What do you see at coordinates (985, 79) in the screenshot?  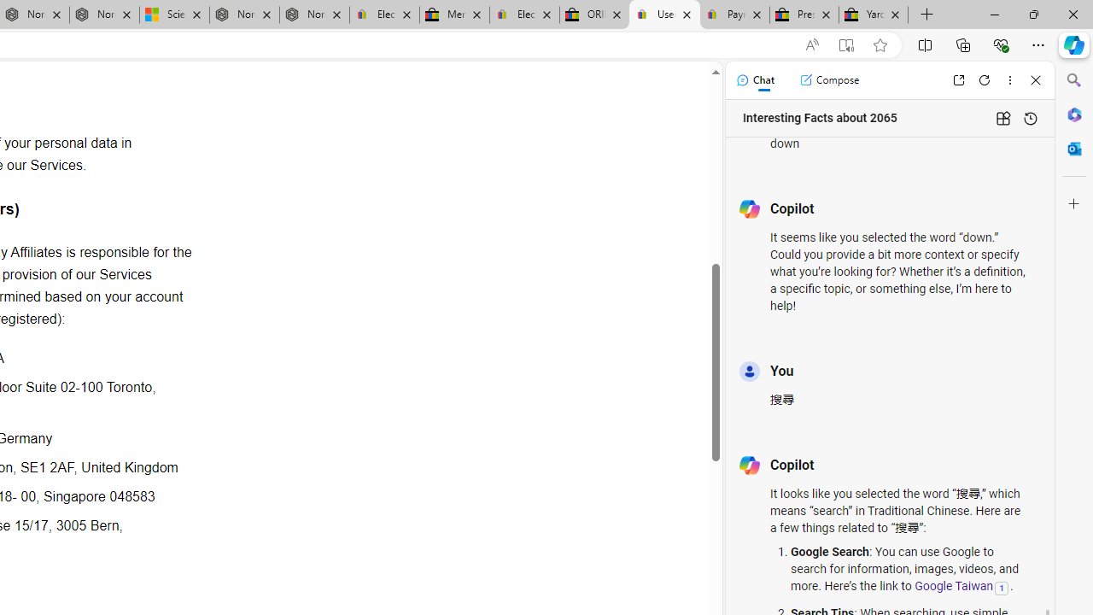 I see `'Refresh'` at bounding box center [985, 79].